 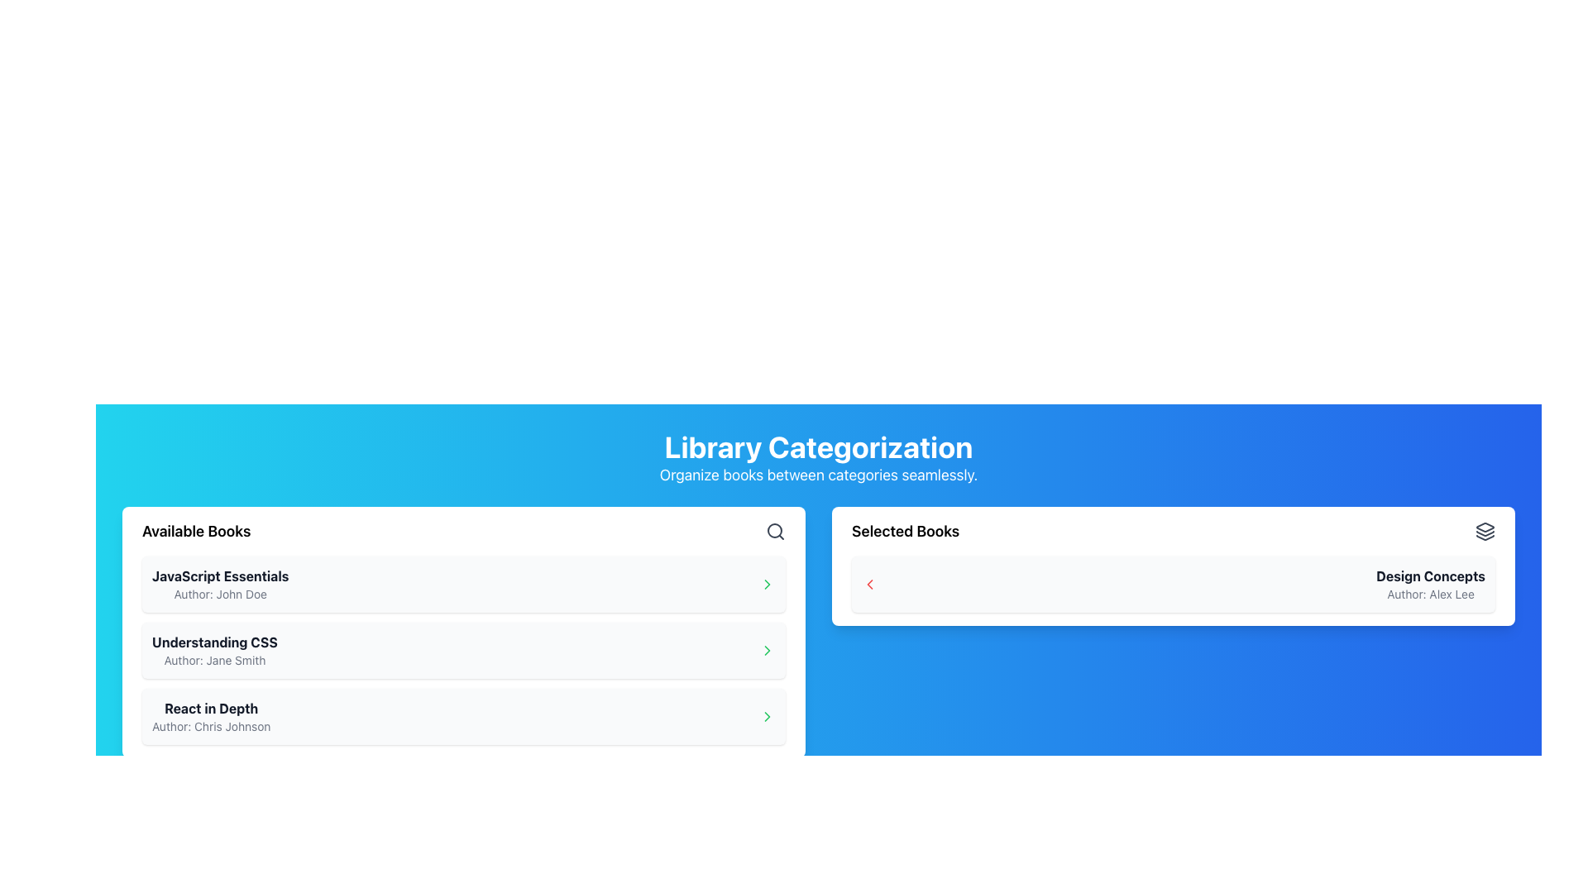 I want to click on the chevron right icon located on the far right of the 'React in Depth' item in the 'Available Books' section, so click(x=766, y=583).